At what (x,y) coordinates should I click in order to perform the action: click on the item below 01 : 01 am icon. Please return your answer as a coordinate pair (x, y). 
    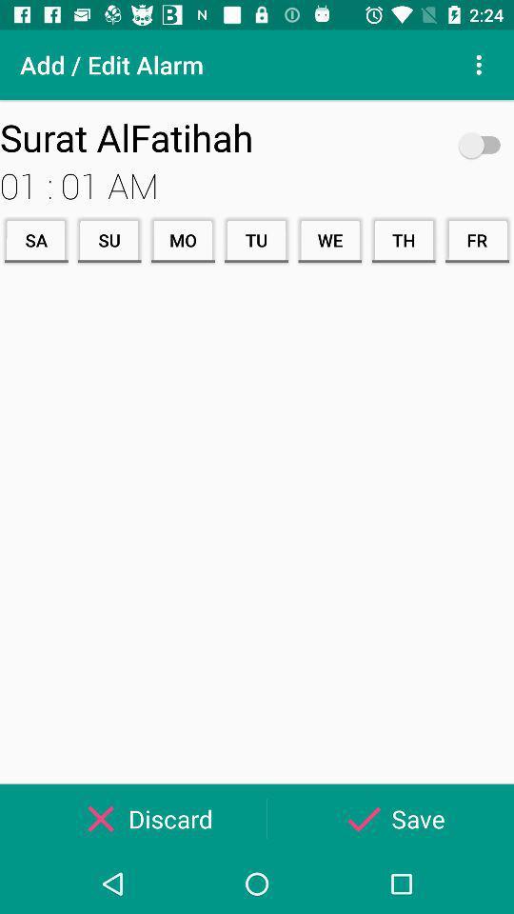
    Looking at the image, I should click on (328, 239).